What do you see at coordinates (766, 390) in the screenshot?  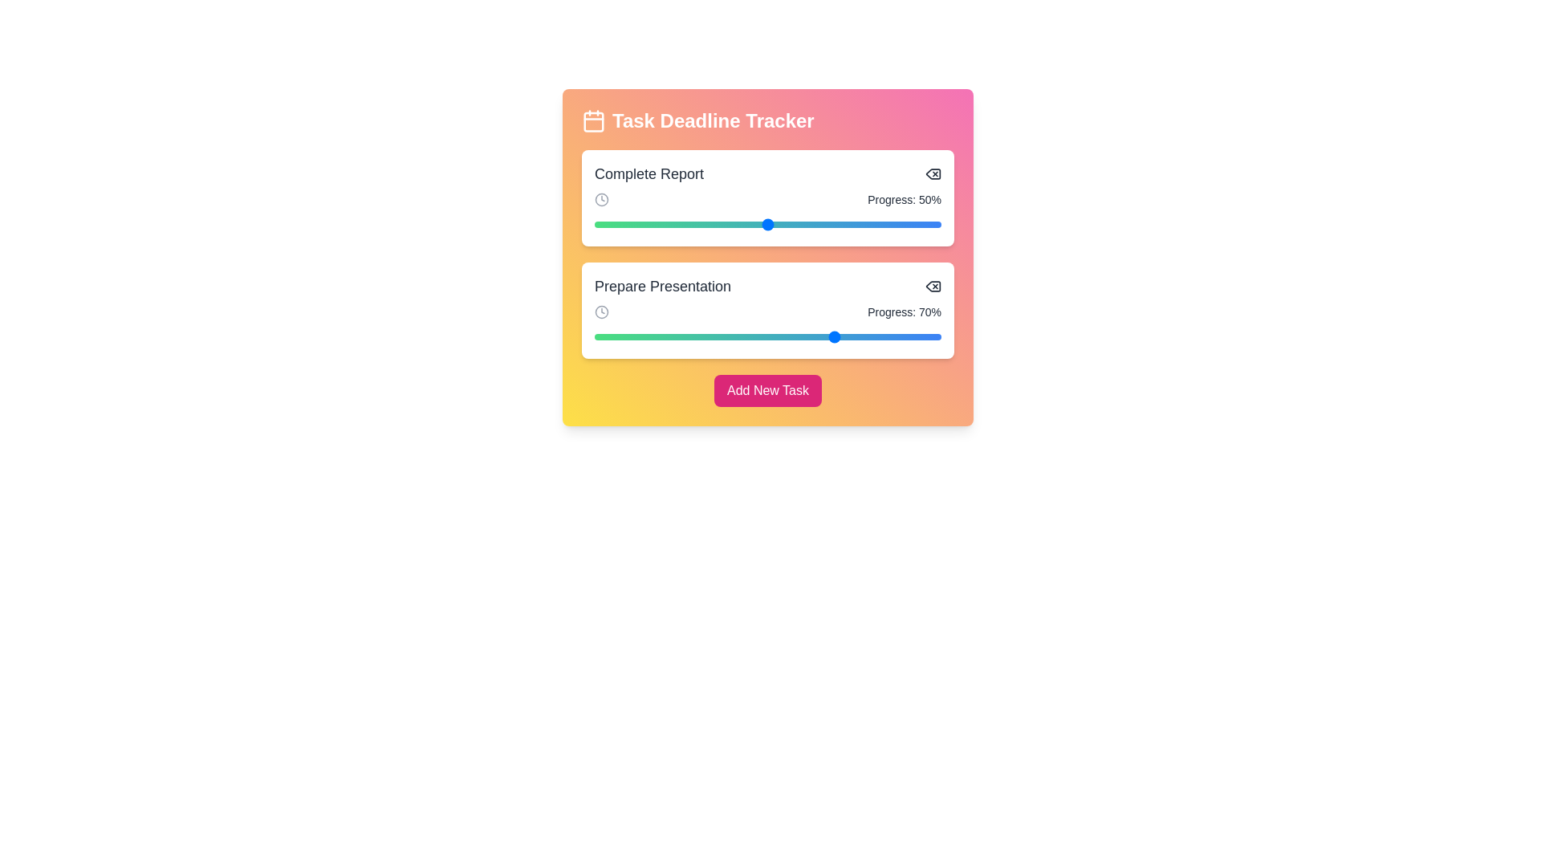 I see `the 'Add New Task' button to add a new task` at bounding box center [766, 390].